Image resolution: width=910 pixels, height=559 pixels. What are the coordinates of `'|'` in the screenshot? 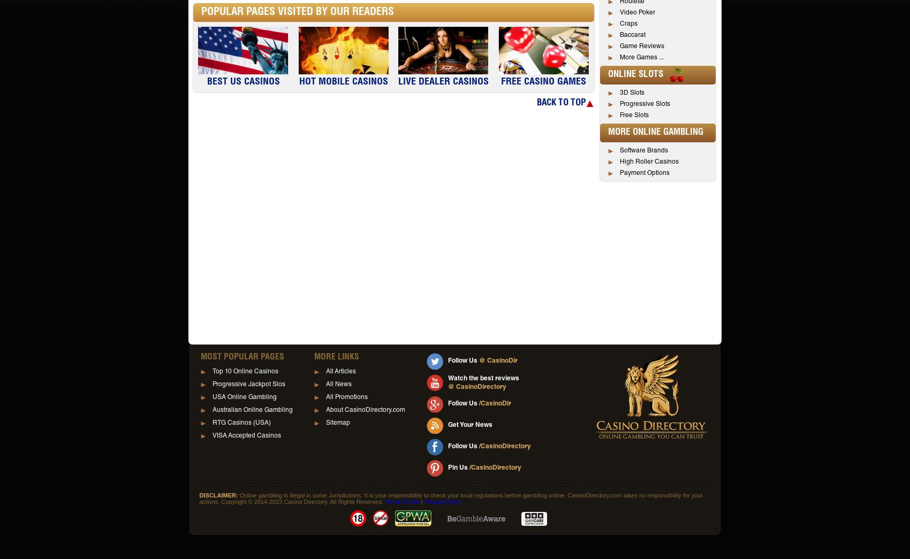 It's located at (419, 501).